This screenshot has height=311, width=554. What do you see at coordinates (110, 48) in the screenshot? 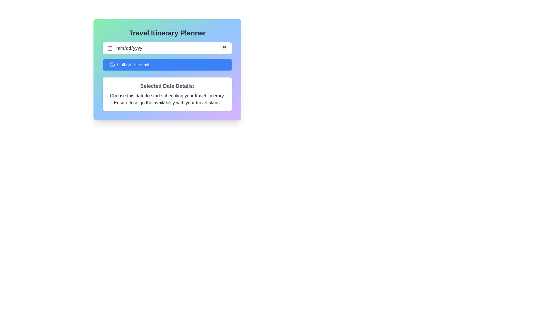
I see `the decorative component of the calendar icon used for the date picker, which is the inner rectangular shape positioned third among its siblings on the left side of the date input field` at bounding box center [110, 48].